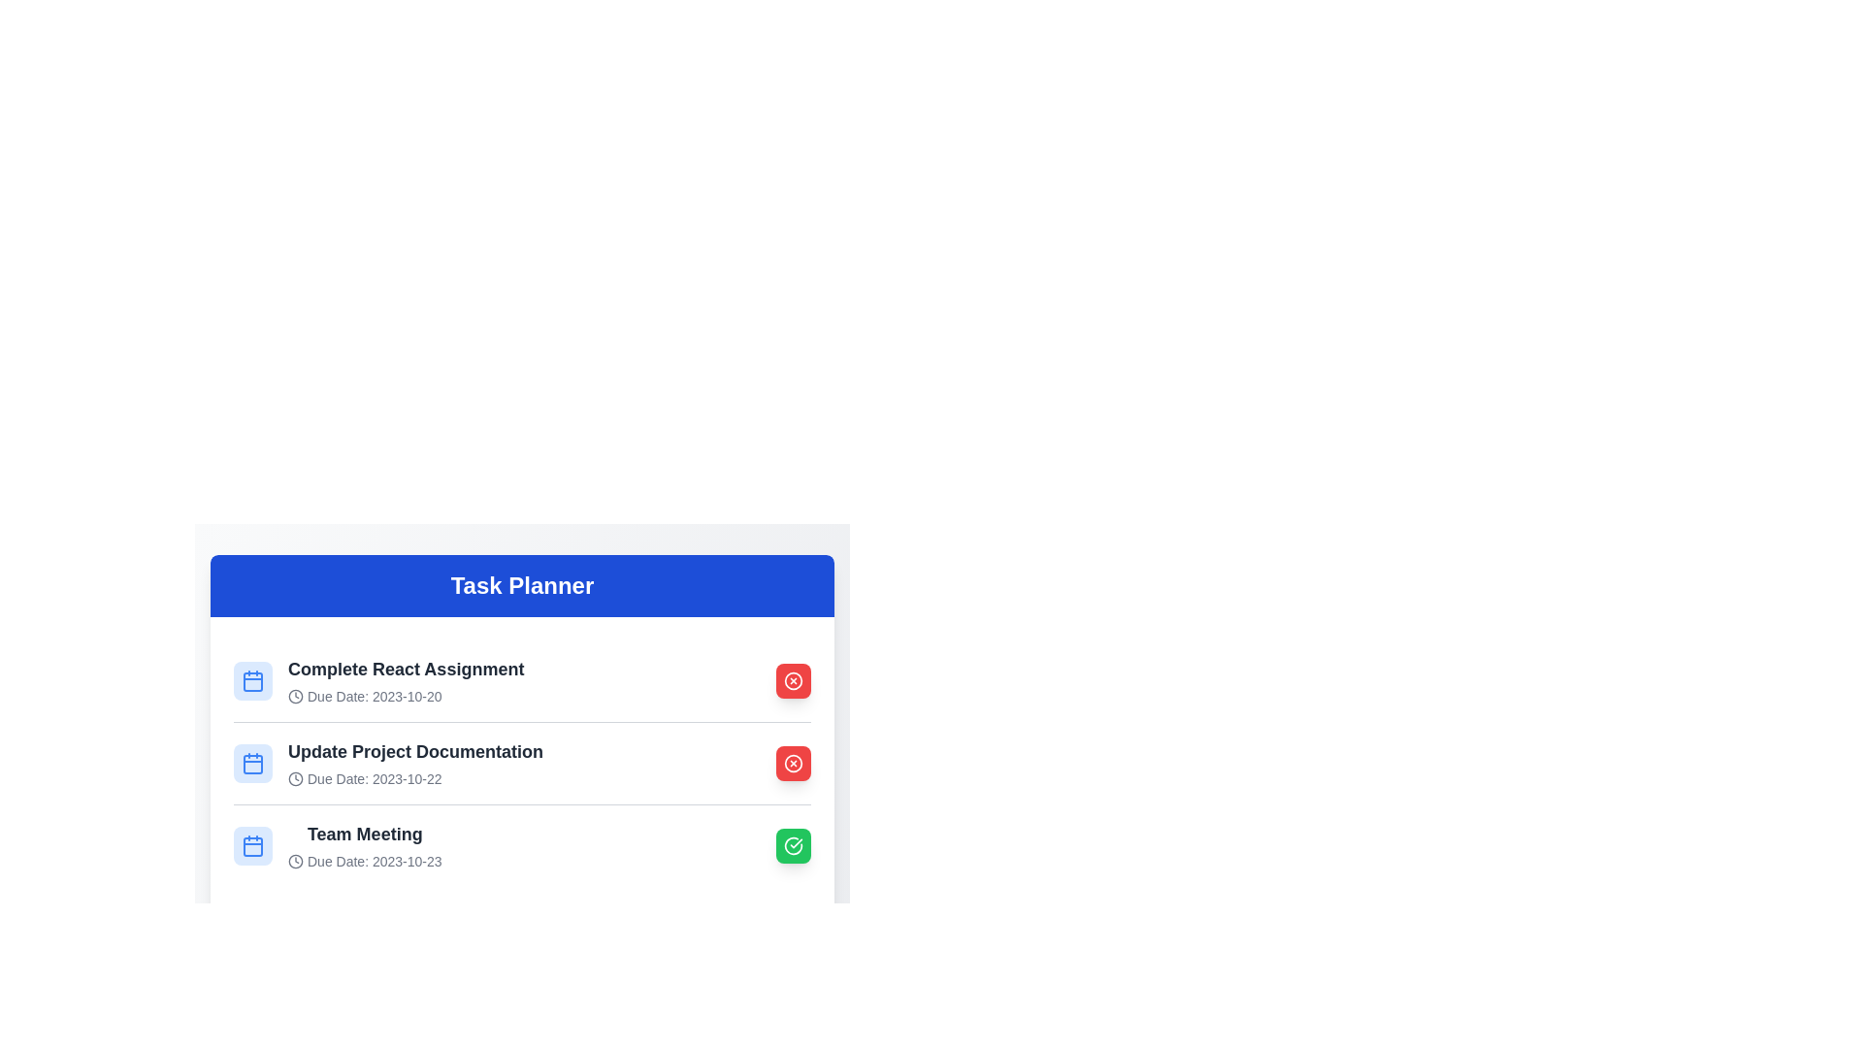 This screenshot has width=1863, height=1048. I want to click on displayed text 'Team Meeting' from the large, bold text label located below the 'Task Planner' heading in the task list, so click(365, 834).